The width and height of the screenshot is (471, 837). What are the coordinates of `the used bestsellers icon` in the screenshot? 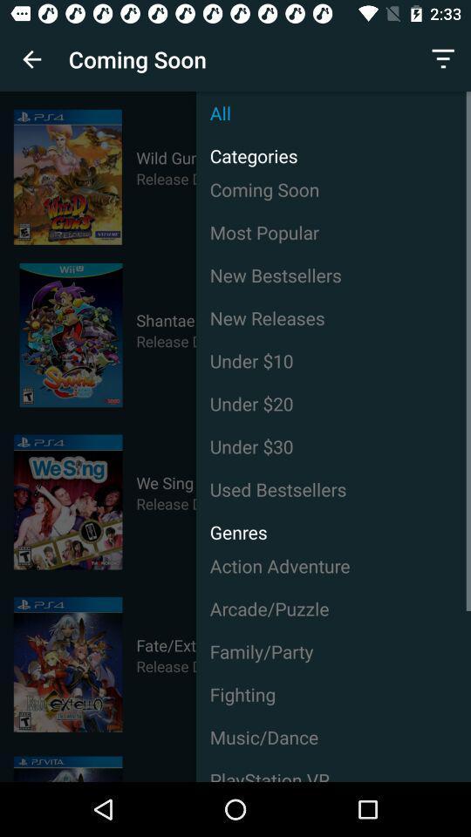 It's located at (333, 489).